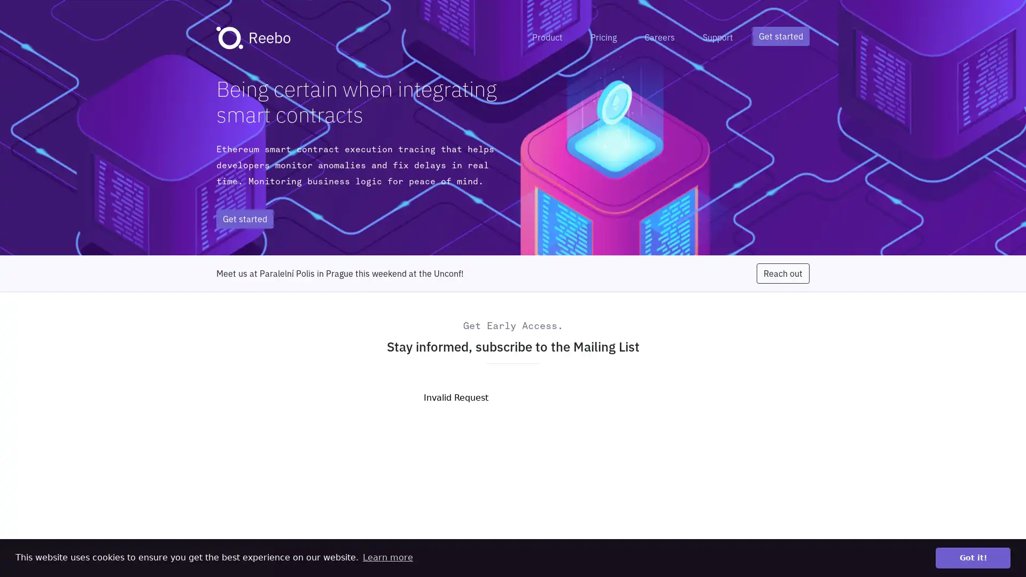 This screenshot has width=1026, height=577. I want to click on learn more about cookies, so click(387, 557).